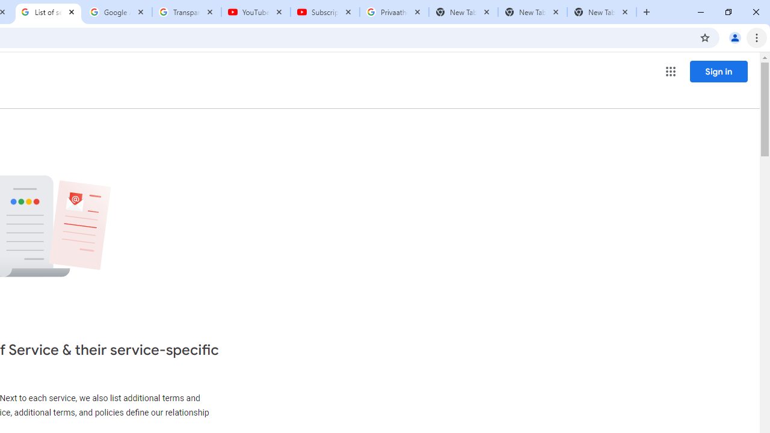 The width and height of the screenshot is (770, 433). What do you see at coordinates (254, 12) in the screenshot?
I see `'YouTube'` at bounding box center [254, 12].